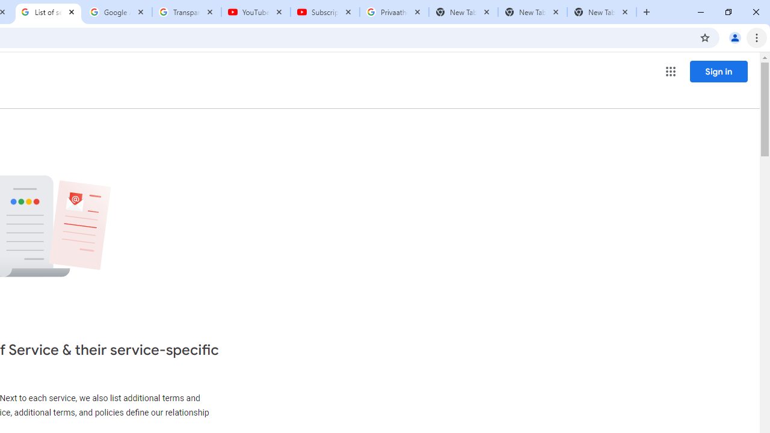 The width and height of the screenshot is (770, 433). What do you see at coordinates (254, 12) in the screenshot?
I see `'YouTube'` at bounding box center [254, 12].